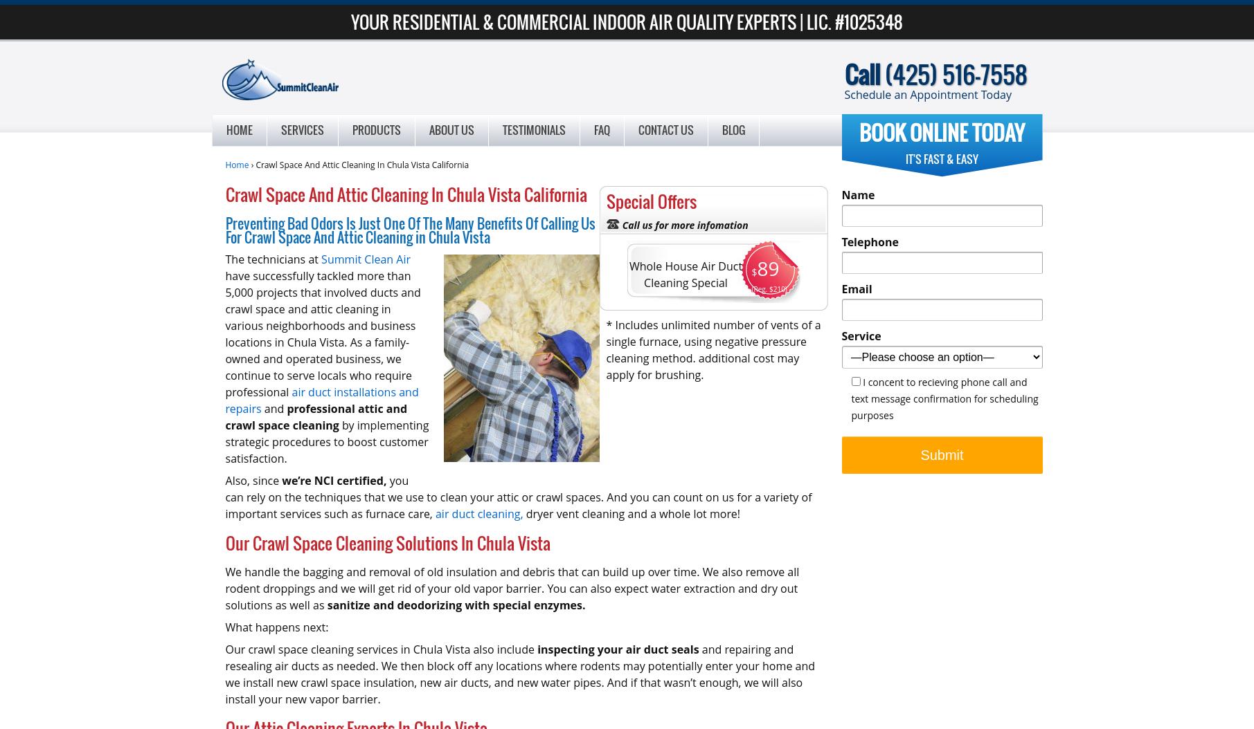 The image size is (1254, 729). Describe the element at coordinates (483, 241) in the screenshot. I see `'Federal Way Air Duct Cleaning'` at that location.